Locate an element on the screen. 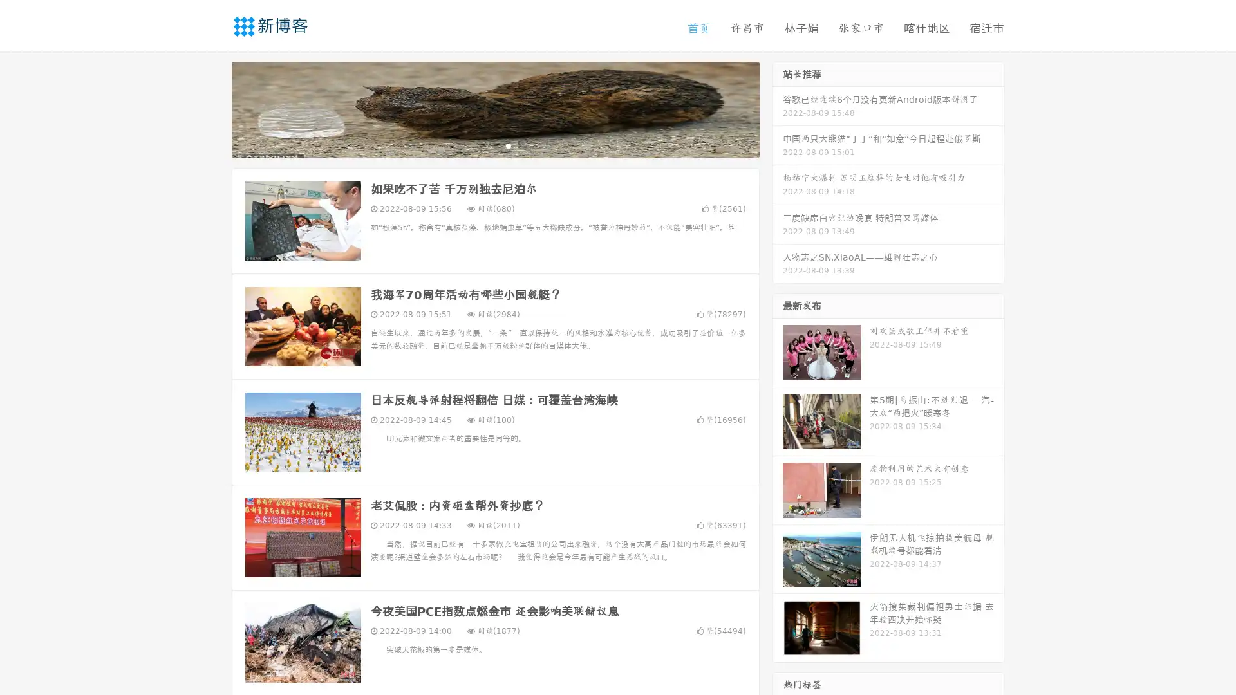  Previous slide is located at coordinates (212, 108).